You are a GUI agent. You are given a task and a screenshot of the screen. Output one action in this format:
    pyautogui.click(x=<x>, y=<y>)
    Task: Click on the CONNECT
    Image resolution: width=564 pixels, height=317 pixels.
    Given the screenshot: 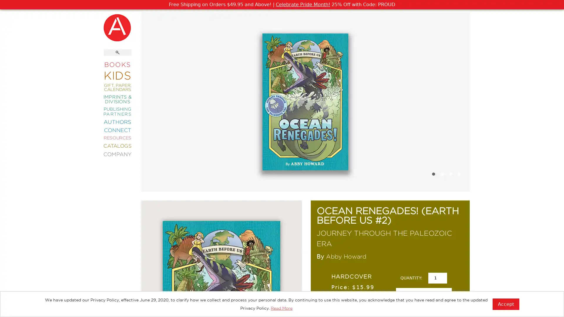 What is the action you would take?
    pyautogui.click(x=117, y=129)
    